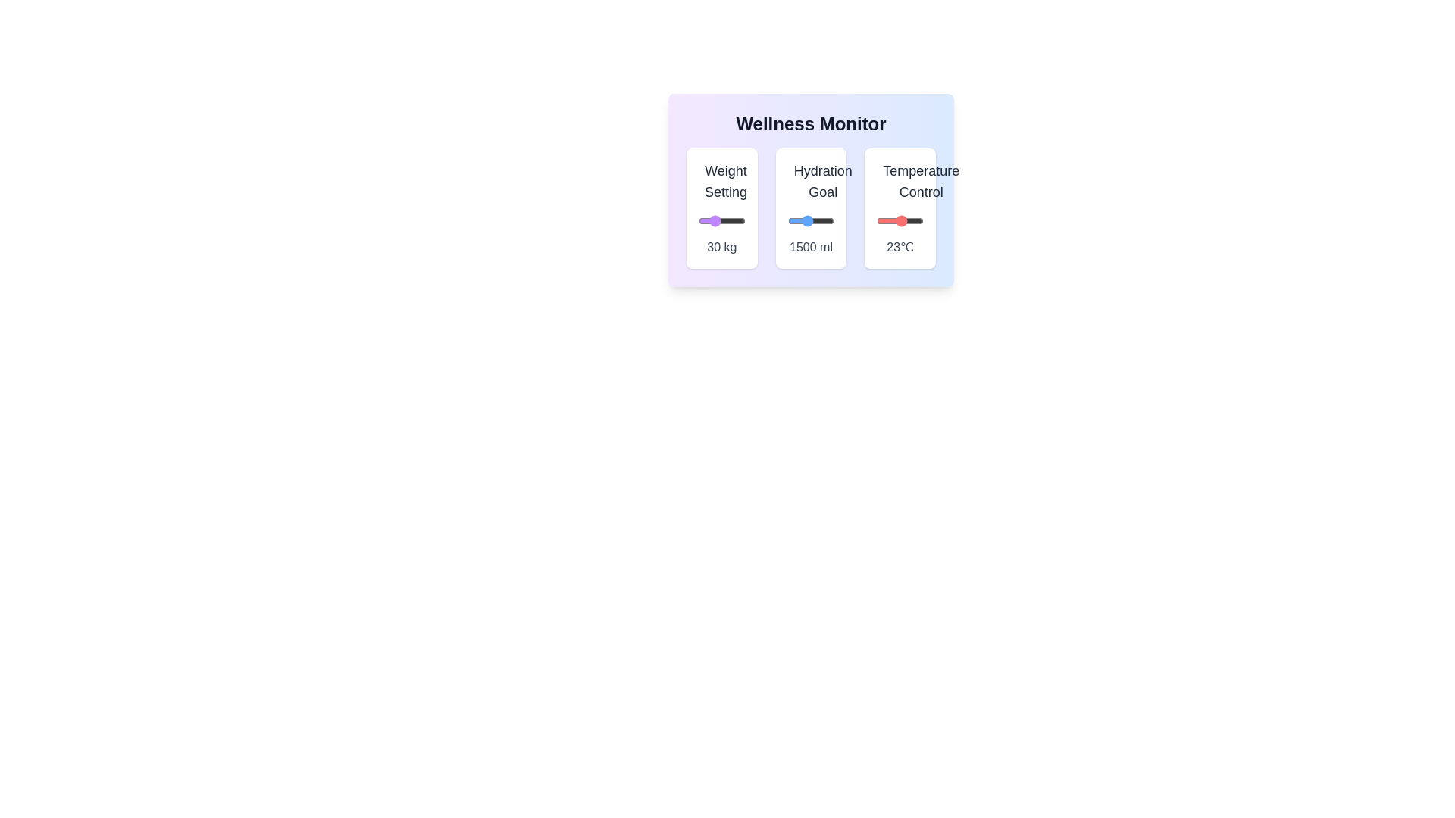 The image size is (1455, 818). I want to click on the handle of the hydration goal range slider located within the Hydration Goal section, so click(810, 221).